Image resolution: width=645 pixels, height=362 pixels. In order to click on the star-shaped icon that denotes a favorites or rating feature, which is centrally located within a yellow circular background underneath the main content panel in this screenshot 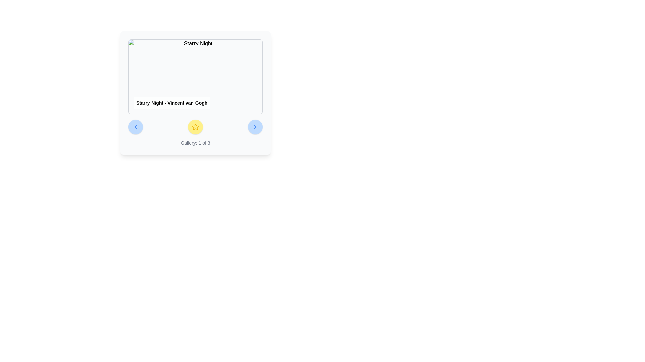, I will do `click(195, 127)`.